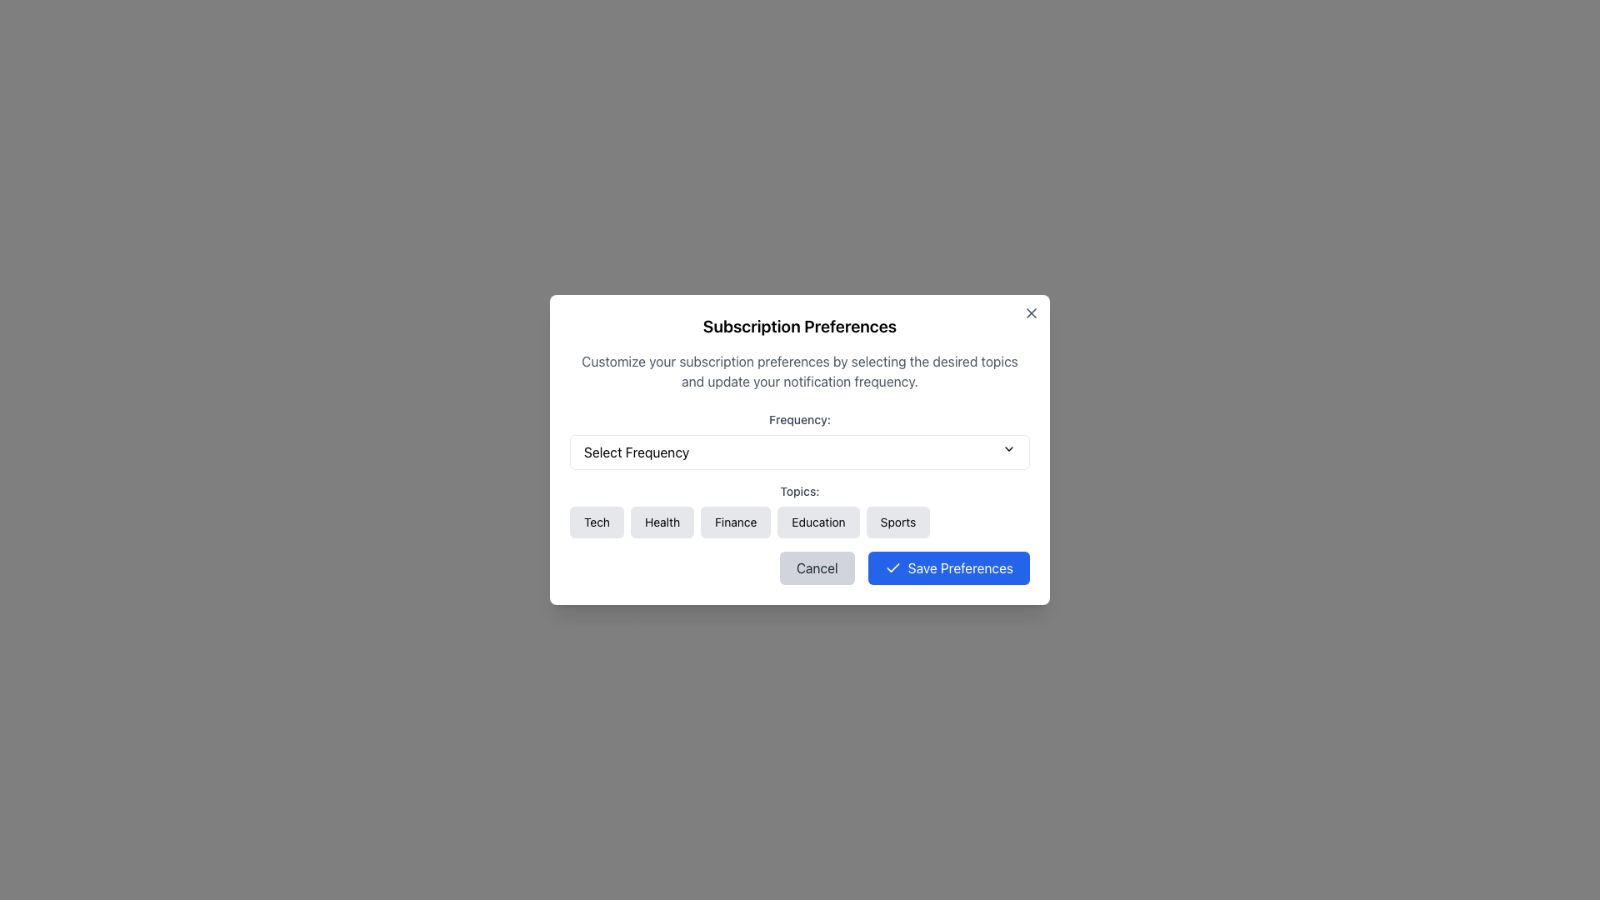 Image resolution: width=1600 pixels, height=900 pixels. What do you see at coordinates (817, 567) in the screenshot?
I see `the cancel button located on the lower right section of the 'Subscription Preferences' dialog` at bounding box center [817, 567].